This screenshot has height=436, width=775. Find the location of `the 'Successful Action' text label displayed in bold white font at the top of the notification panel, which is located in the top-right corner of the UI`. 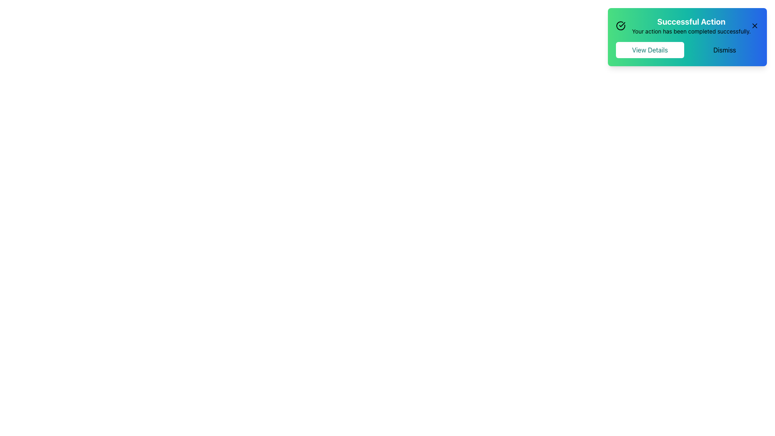

the 'Successful Action' text label displayed in bold white font at the top of the notification panel, which is located in the top-right corner of the UI is located at coordinates (691, 21).